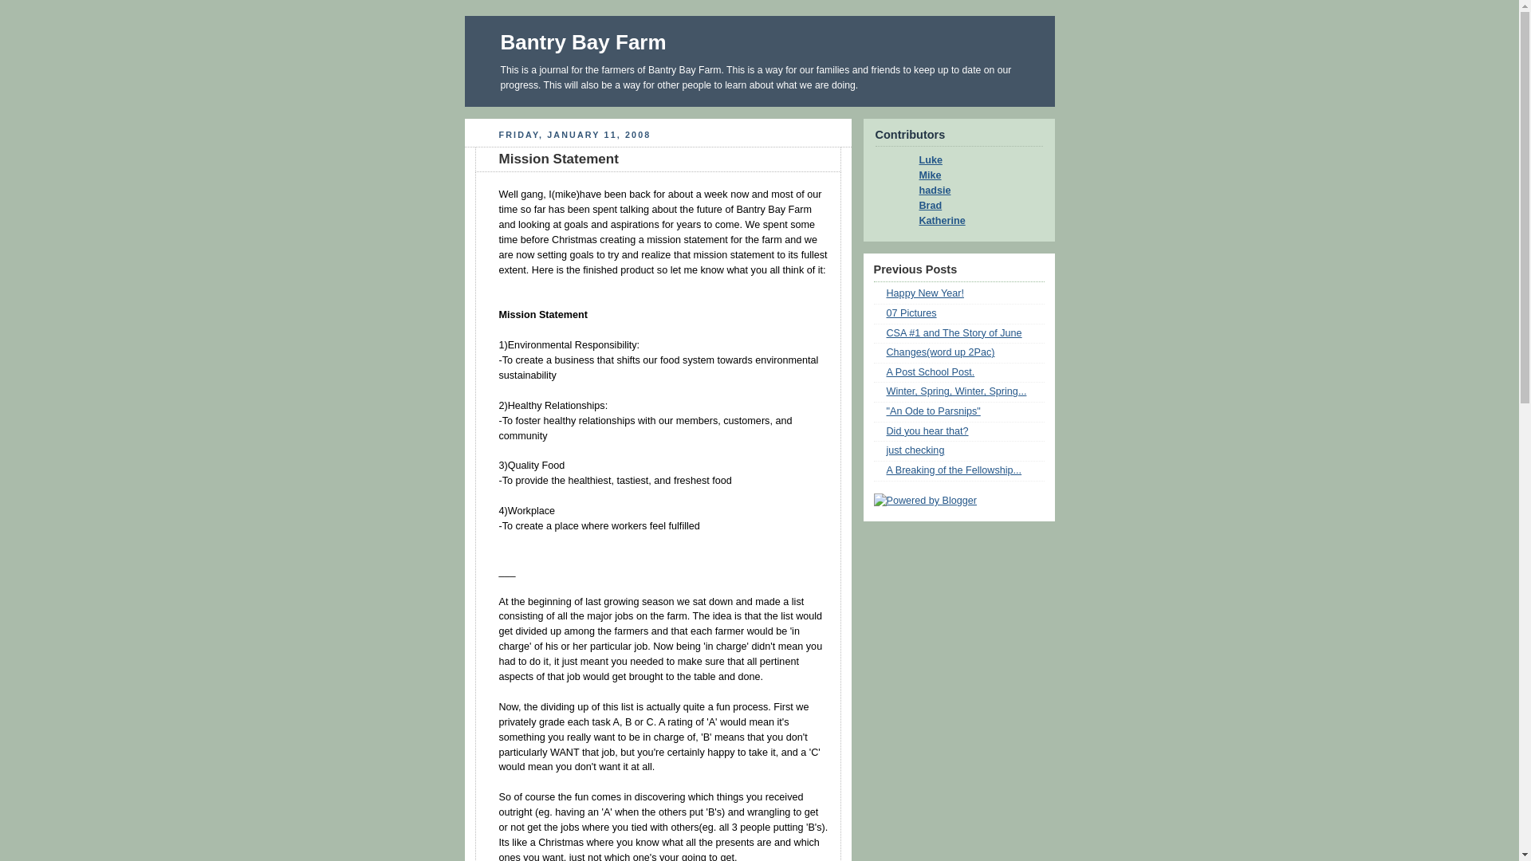 This screenshot has height=861, width=1531. Describe the element at coordinates (931, 372) in the screenshot. I see `'A Post School Post.'` at that location.